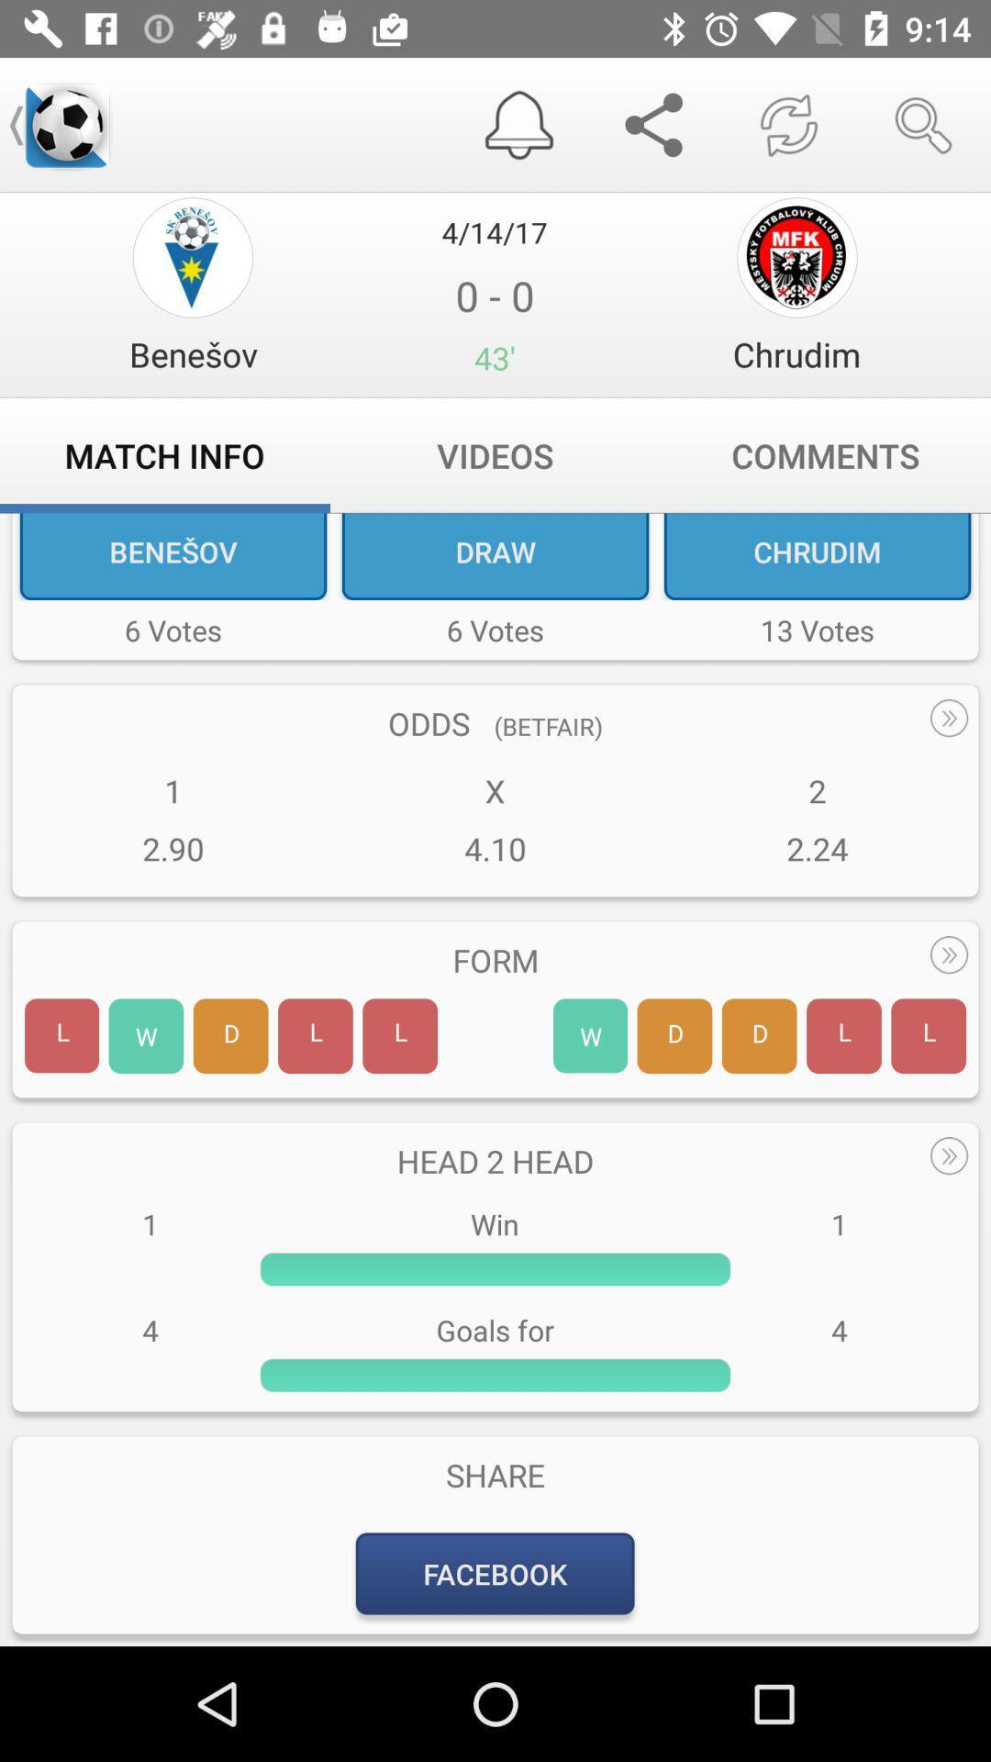 The width and height of the screenshot is (991, 1762). Describe the element at coordinates (796, 256) in the screenshot. I see `chrudim` at that location.